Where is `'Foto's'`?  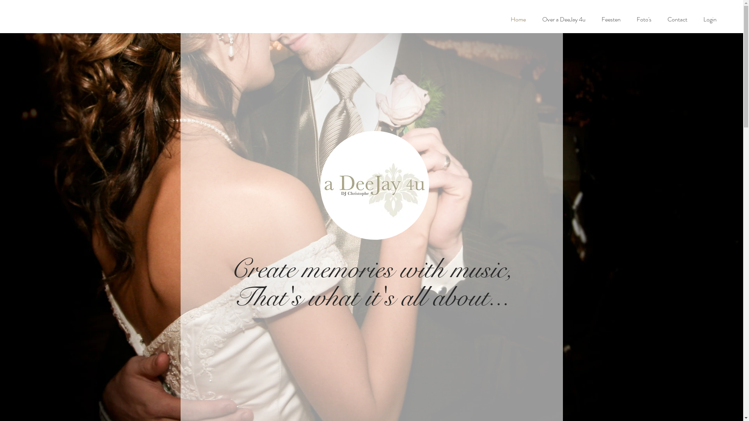 'Foto's' is located at coordinates (644, 19).